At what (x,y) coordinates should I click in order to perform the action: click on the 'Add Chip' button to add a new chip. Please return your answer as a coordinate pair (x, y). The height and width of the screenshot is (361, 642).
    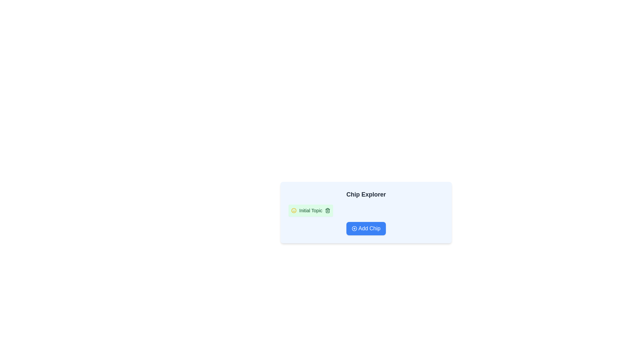
    Looking at the image, I should click on (365, 228).